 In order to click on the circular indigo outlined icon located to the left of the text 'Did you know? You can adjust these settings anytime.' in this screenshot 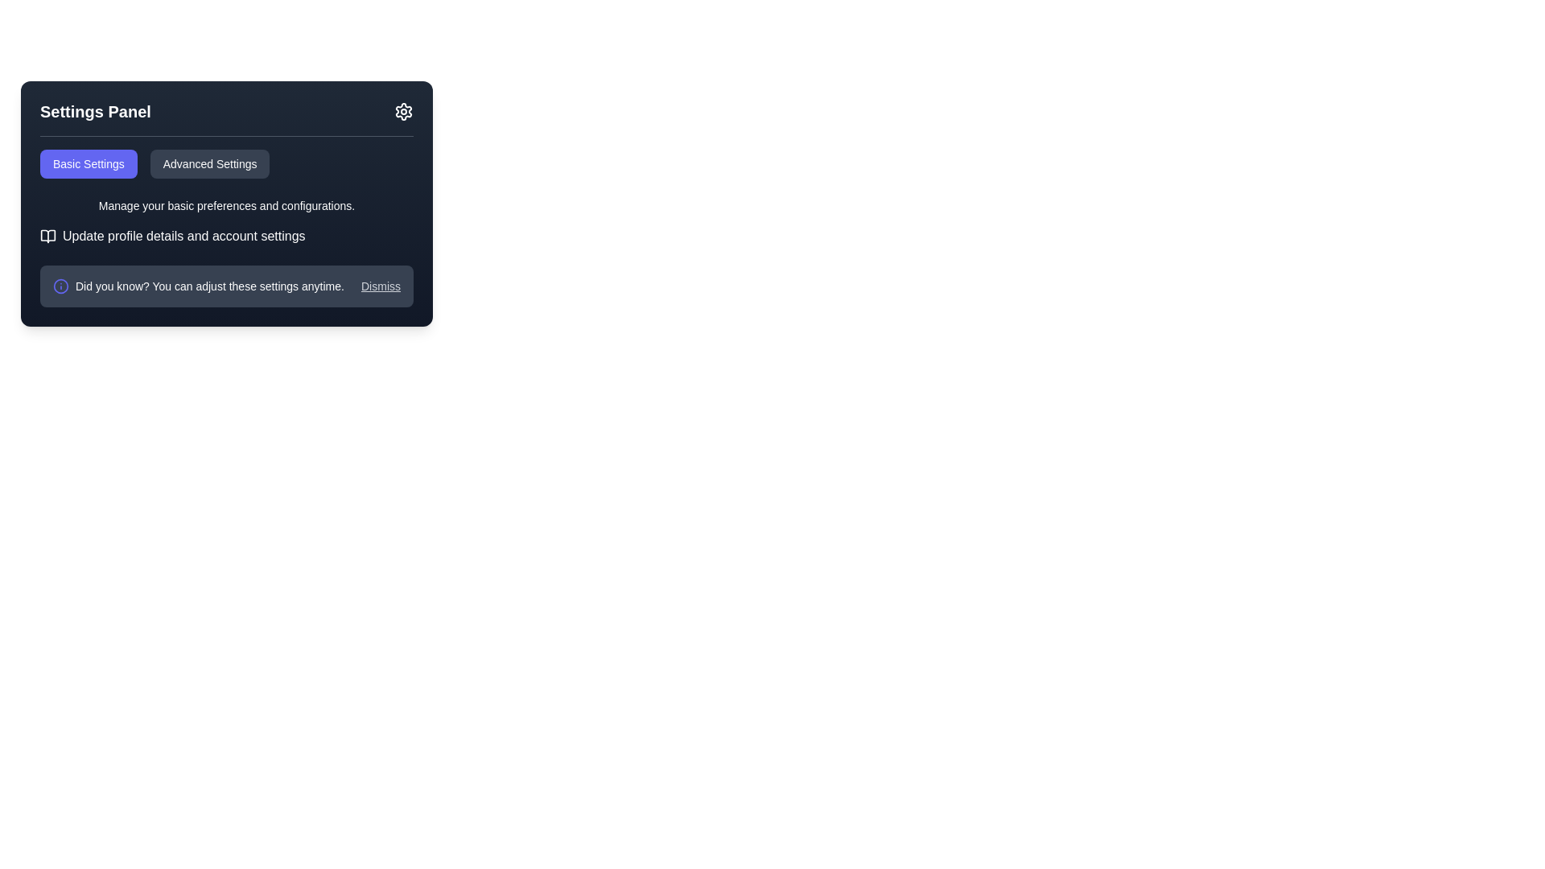, I will do `click(61, 285)`.